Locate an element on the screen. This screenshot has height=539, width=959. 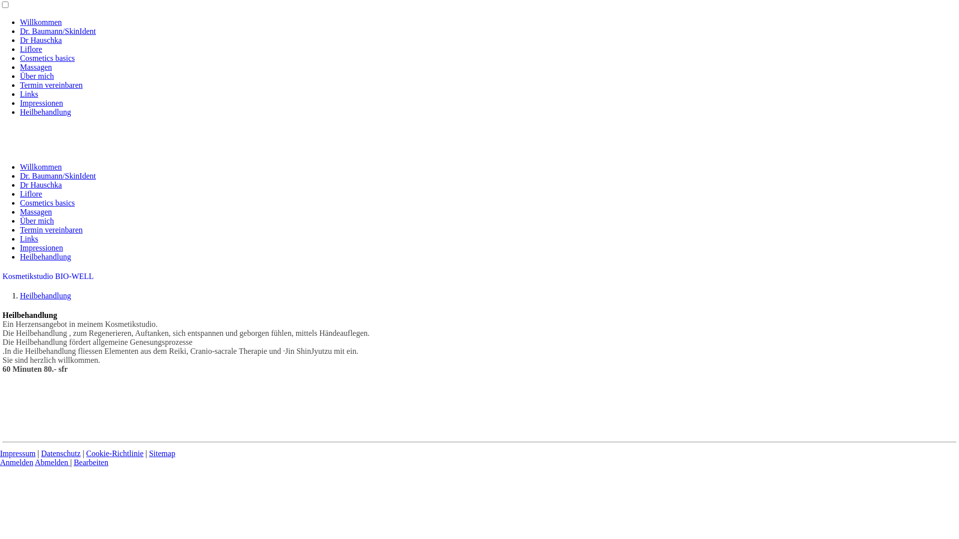
'Dr Hauschka' is located at coordinates (40, 185).